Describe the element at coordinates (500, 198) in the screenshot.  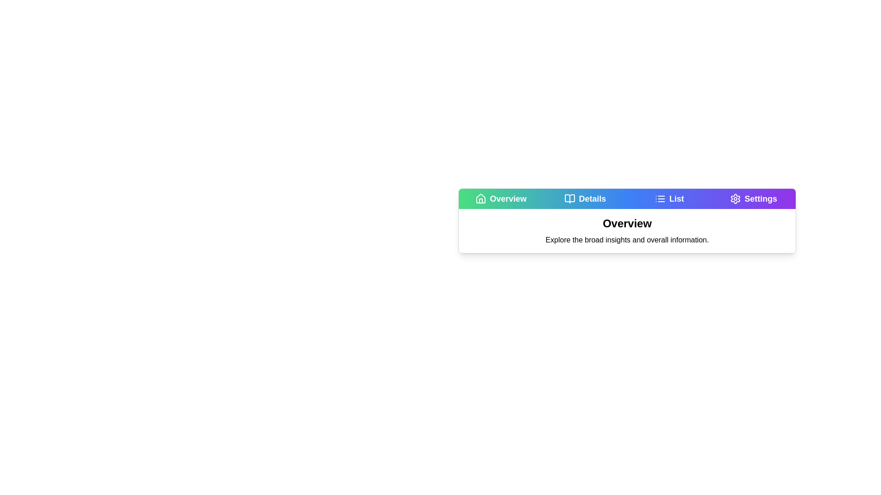
I see `the 'Overview' button, which is the first element in the navigation bar featuring a white house icon and bold 'Overview' text on a green-to-blue gradient background` at that location.